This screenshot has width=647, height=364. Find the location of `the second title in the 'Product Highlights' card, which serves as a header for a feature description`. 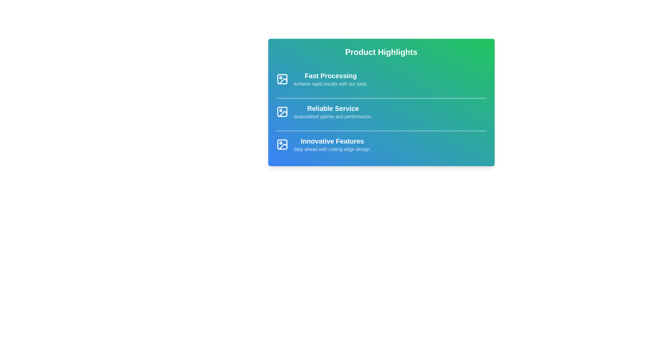

the second title in the 'Product Highlights' card, which serves as a header for a feature description is located at coordinates (333, 108).